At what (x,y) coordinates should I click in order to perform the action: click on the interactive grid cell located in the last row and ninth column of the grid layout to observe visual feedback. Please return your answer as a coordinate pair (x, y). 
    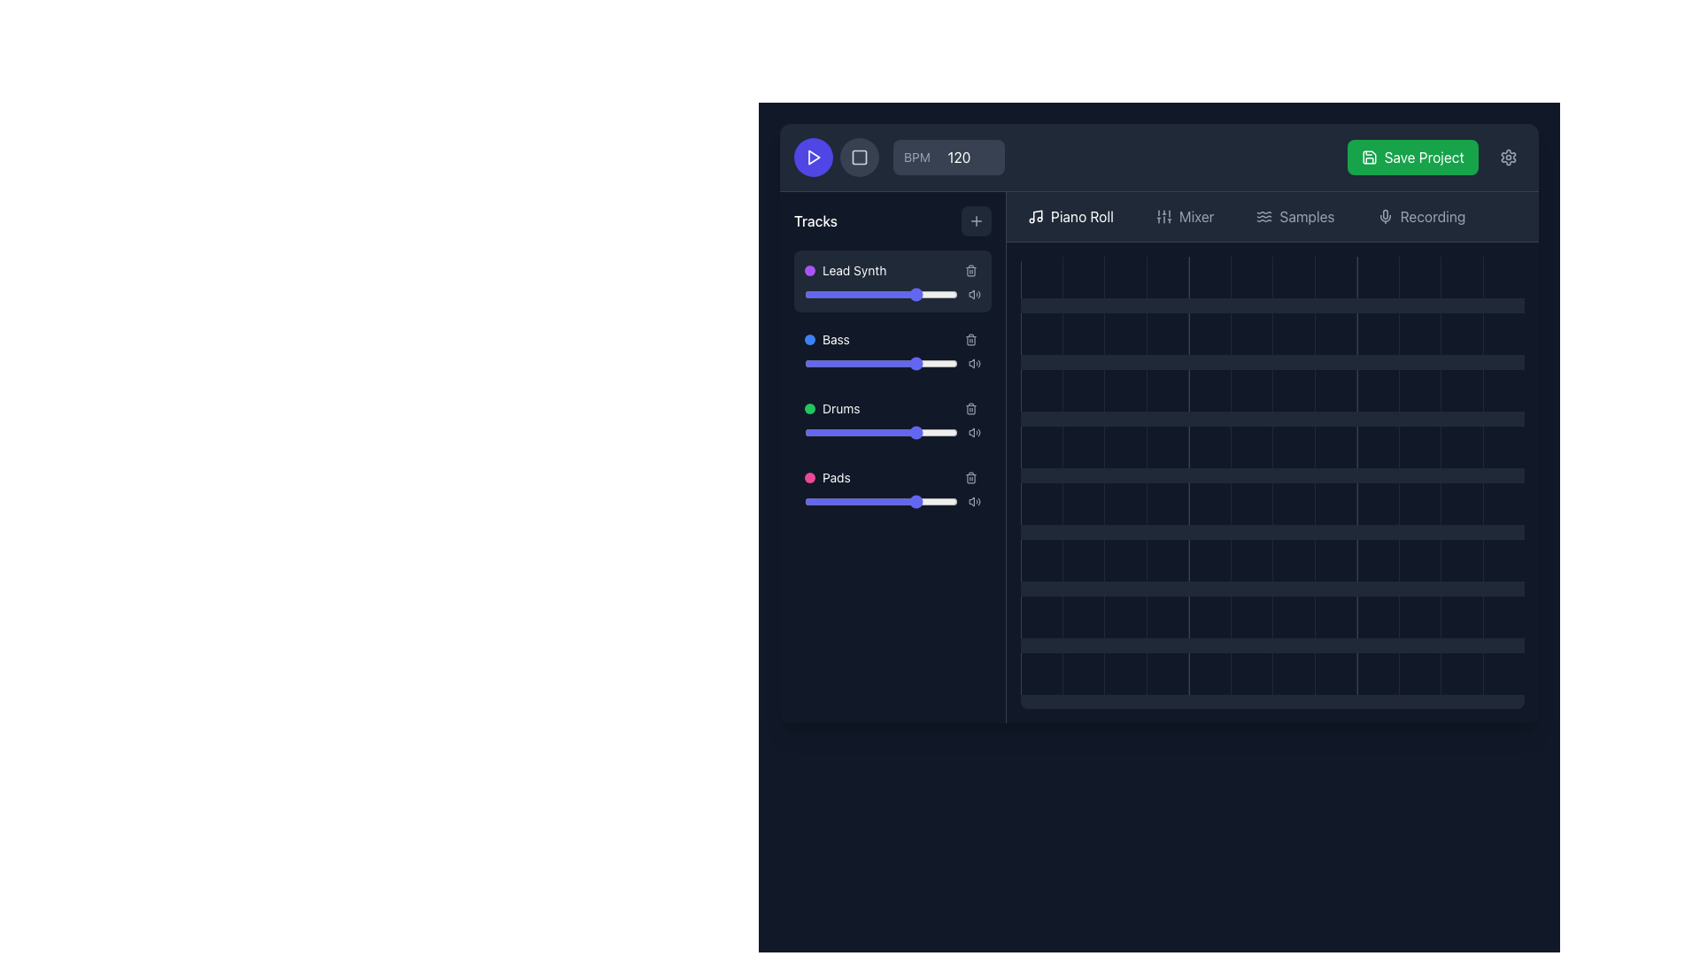
    Looking at the image, I should click on (1419, 674).